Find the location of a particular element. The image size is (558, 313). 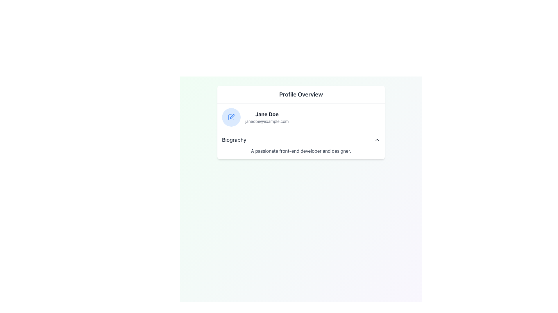

the static text display component that reads 'A passionate front-end developer and designer.' located below the 'Biography' title is located at coordinates (301, 150).